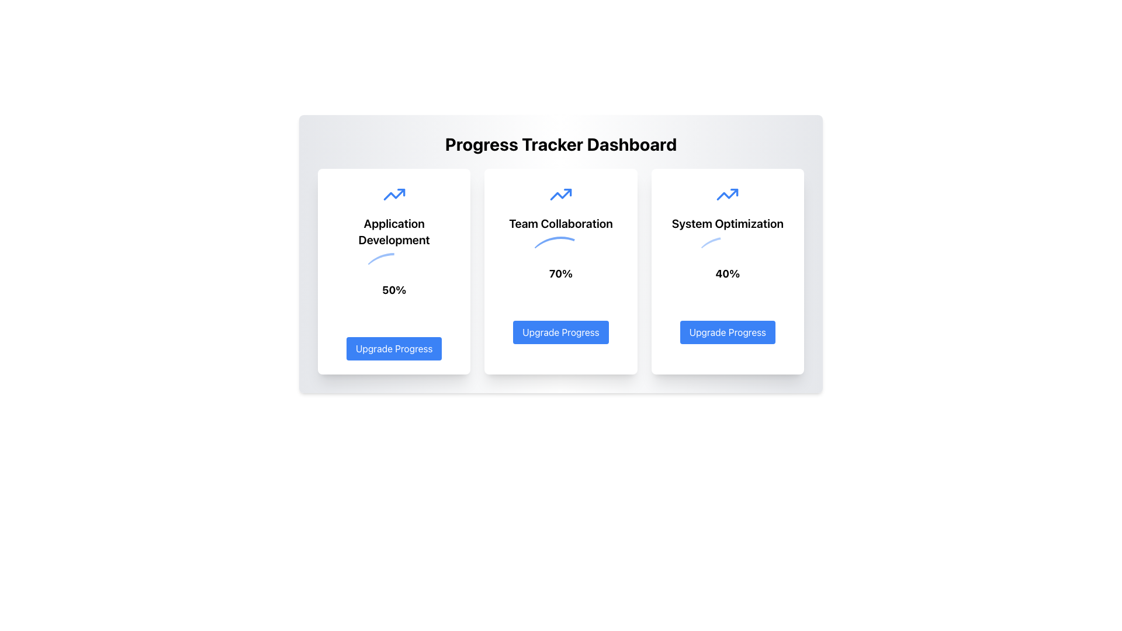 The height and width of the screenshot is (631, 1122). Describe the element at coordinates (561, 272) in the screenshot. I see `the progress percentage of the second card in the grid layout for the 'Team Collaboration' module` at that location.